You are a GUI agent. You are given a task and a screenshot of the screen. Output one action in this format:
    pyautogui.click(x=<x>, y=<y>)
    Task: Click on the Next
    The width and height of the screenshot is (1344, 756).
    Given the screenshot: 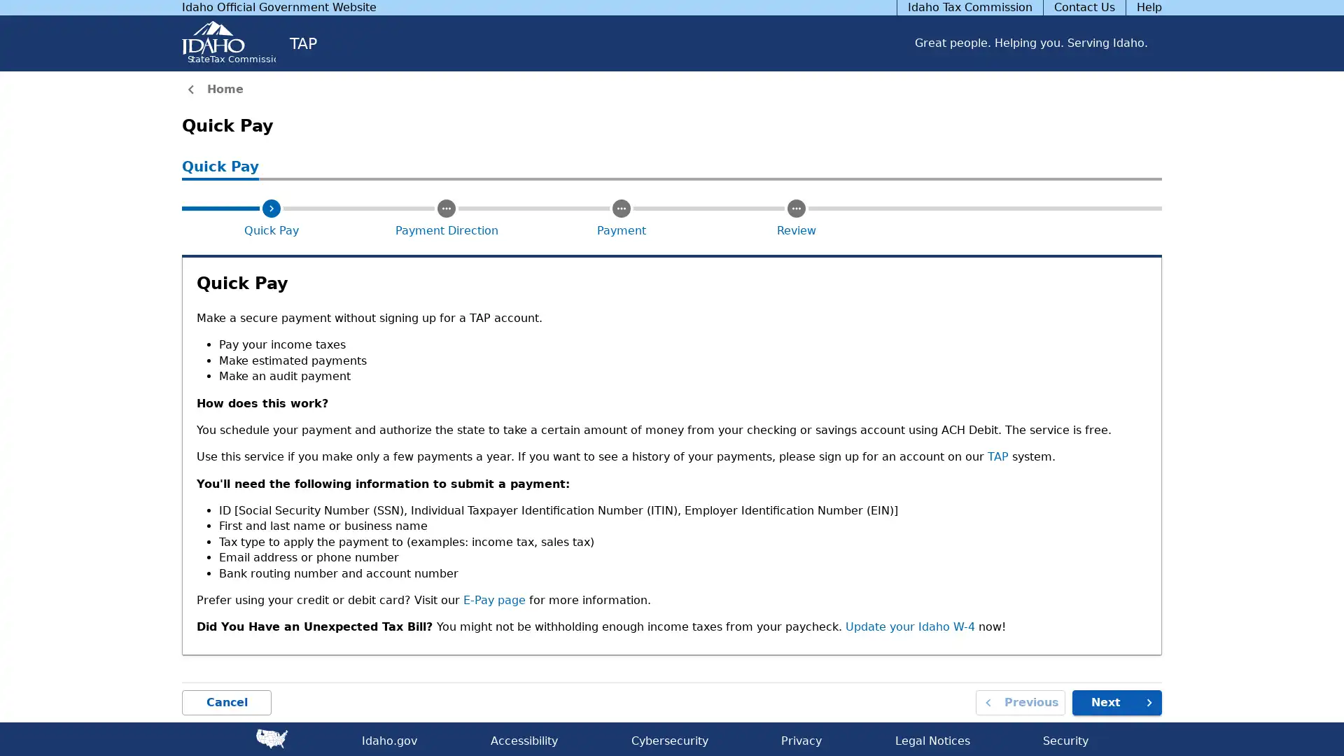 What is the action you would take?
    pyautogui.click(x=1116, y=702)
    